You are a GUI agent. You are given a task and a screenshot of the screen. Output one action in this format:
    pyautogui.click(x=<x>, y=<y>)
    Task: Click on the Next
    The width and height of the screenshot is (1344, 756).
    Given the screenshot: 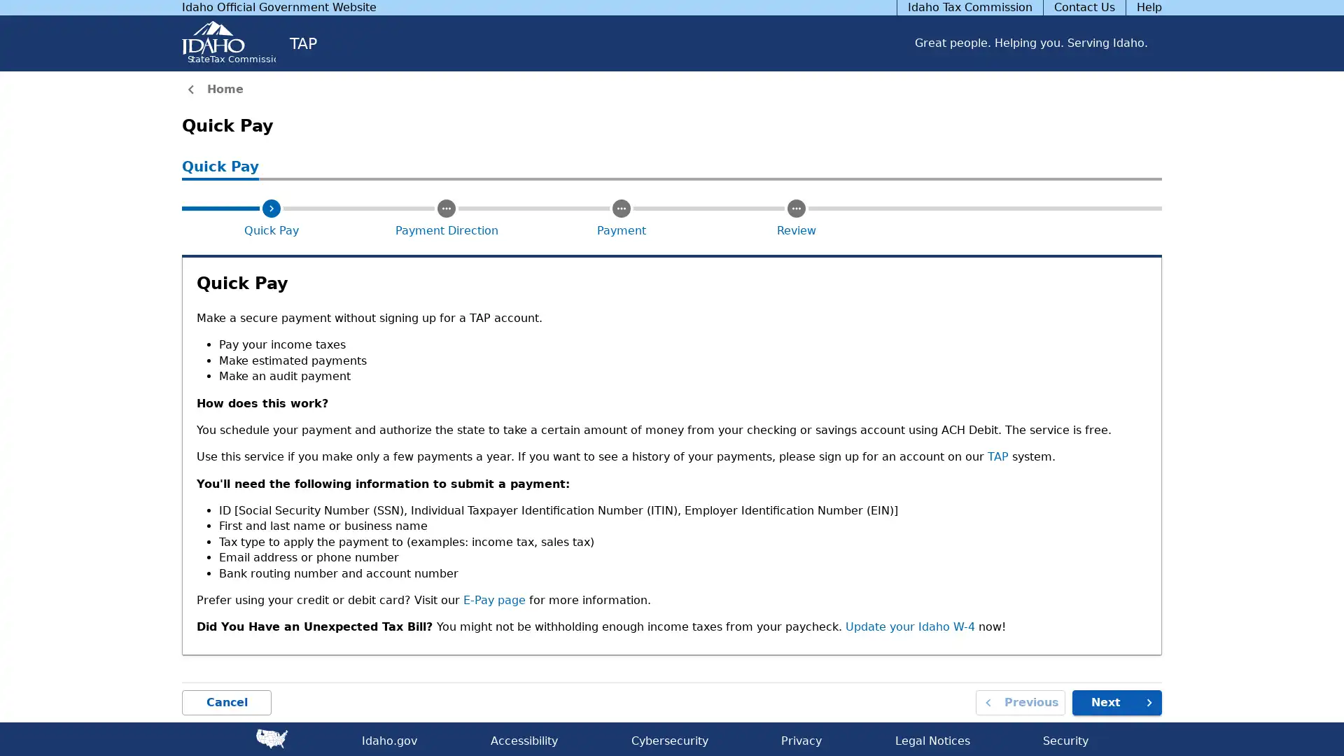 What is the action you would take?
    pyautogui.click(x=1116, y=702)
    